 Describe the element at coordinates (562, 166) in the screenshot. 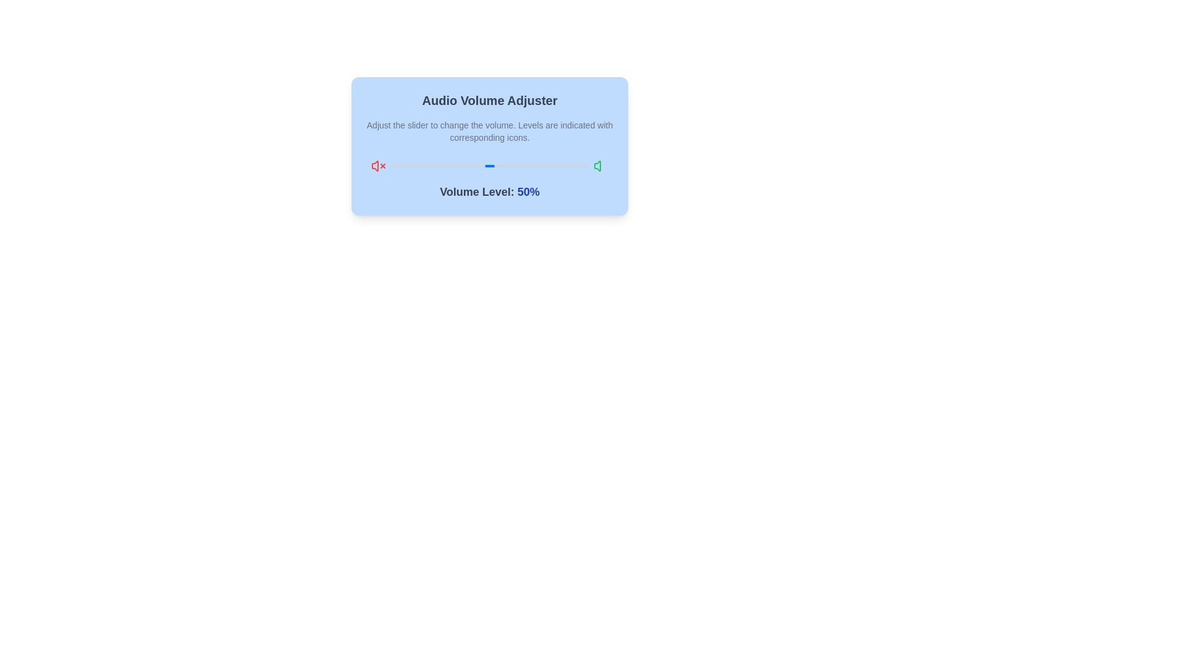

I see `the slider to set the volume to 87%` at that location.